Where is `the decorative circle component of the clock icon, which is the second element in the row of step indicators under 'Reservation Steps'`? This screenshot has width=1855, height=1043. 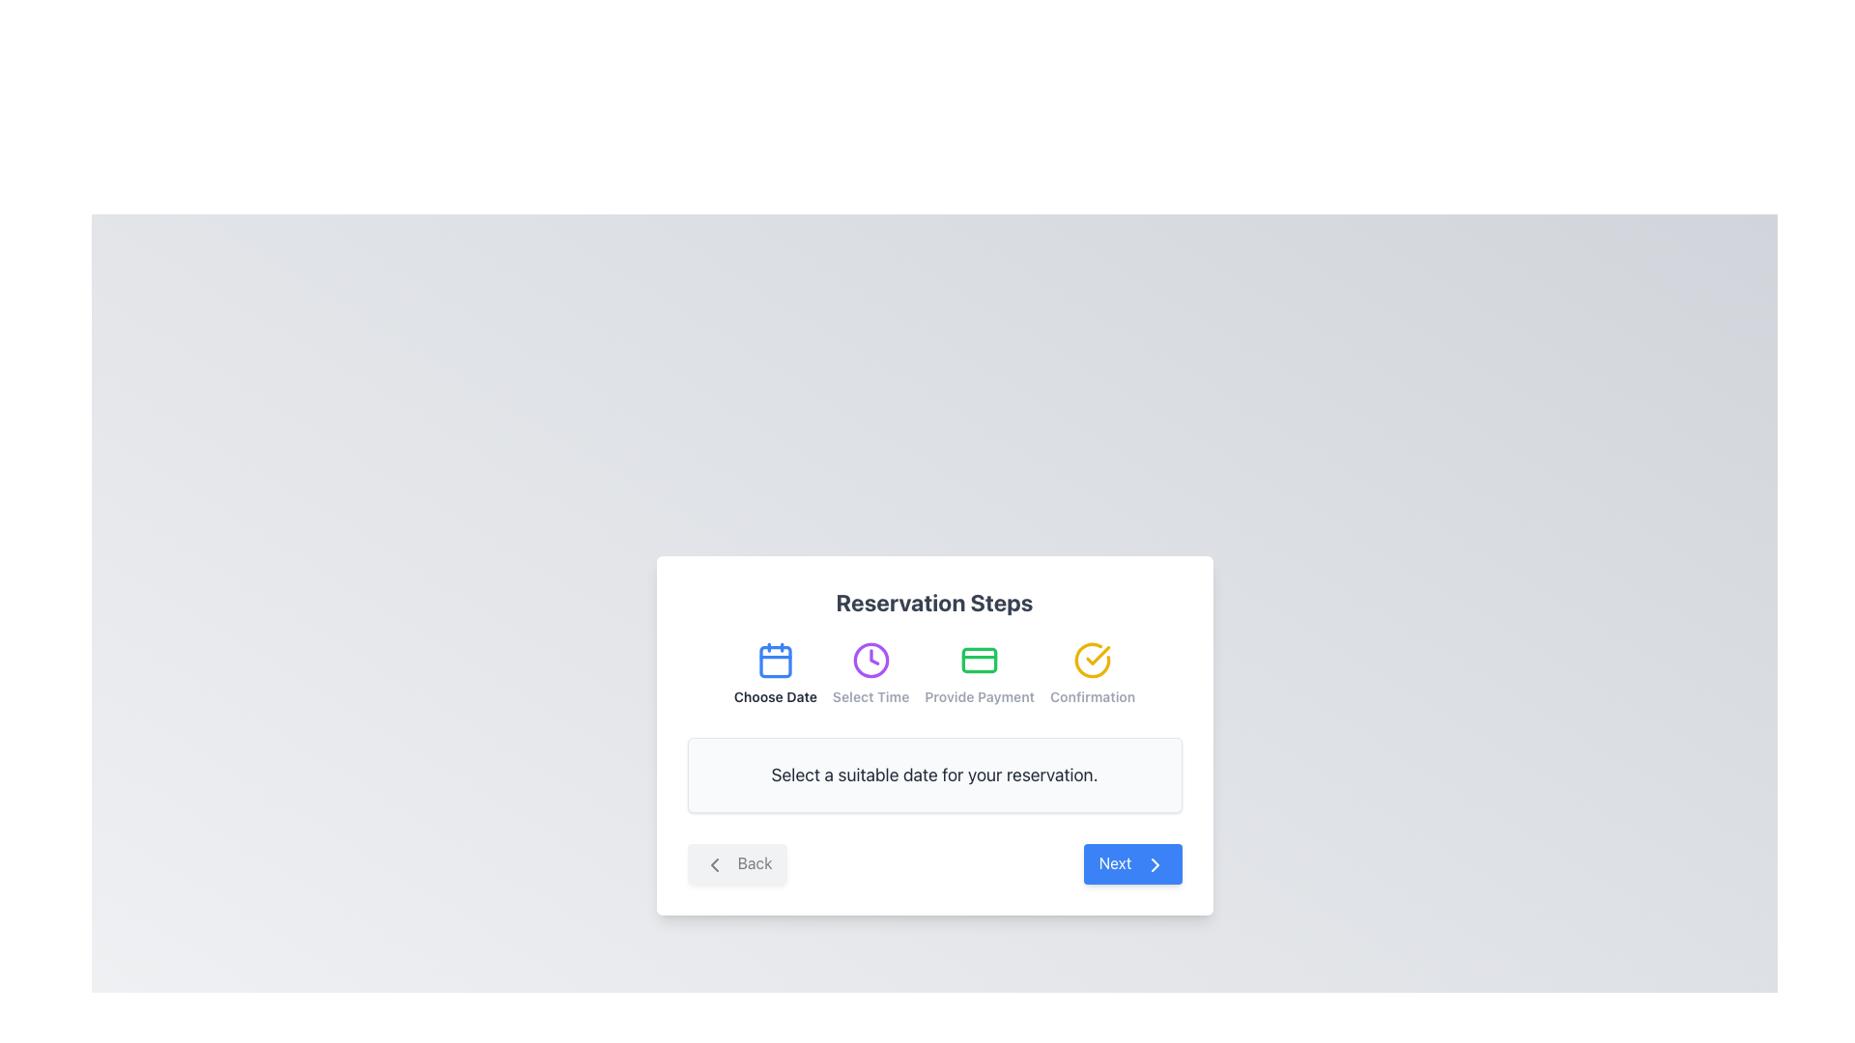
the decorative circle component of the clock icon, which is the second element in the row of step indicators under 'Reservation Steps' is located at coordinates (870, 660).